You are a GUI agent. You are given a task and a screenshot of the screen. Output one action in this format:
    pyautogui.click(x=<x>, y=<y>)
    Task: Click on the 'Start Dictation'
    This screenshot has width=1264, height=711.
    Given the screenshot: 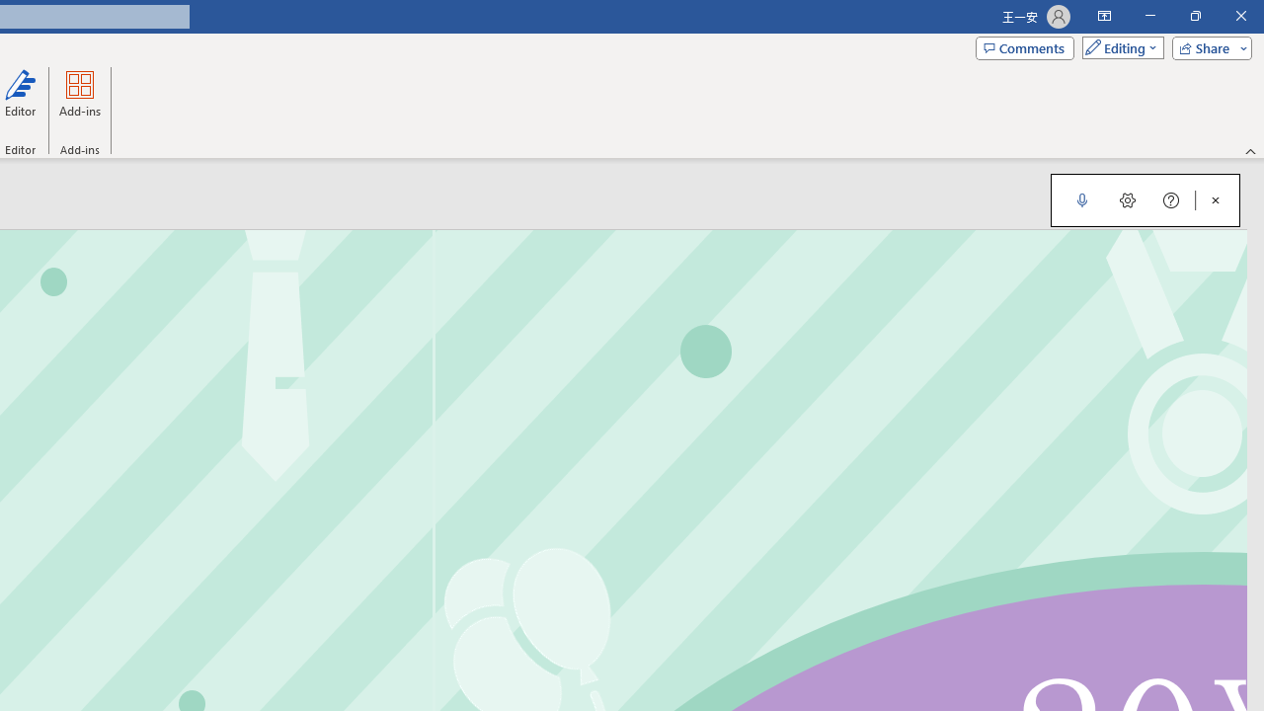 What is the action you would take?
    pyautogui.click(x=1081, y=200)
    